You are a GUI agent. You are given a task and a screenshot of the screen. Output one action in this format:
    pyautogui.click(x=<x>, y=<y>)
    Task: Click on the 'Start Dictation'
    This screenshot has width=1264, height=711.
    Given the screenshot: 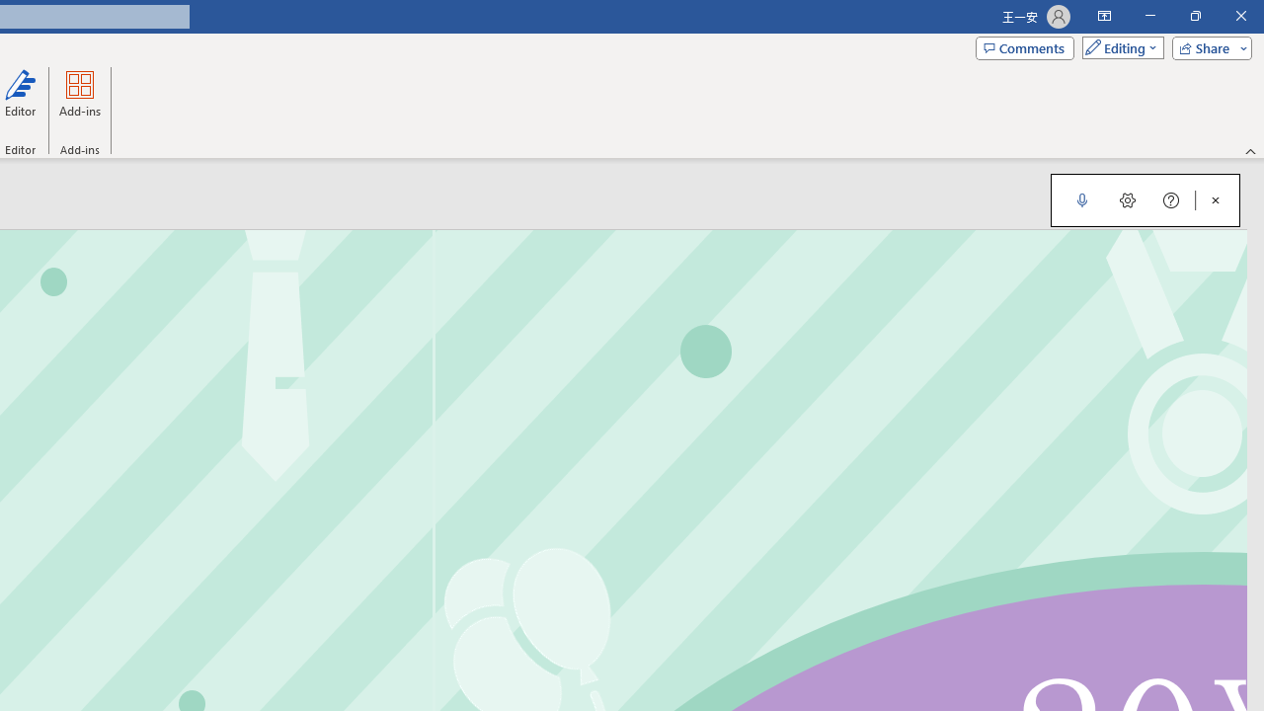 What is the action you would take?
    pyautogui.click(x=1081, y=200)
    